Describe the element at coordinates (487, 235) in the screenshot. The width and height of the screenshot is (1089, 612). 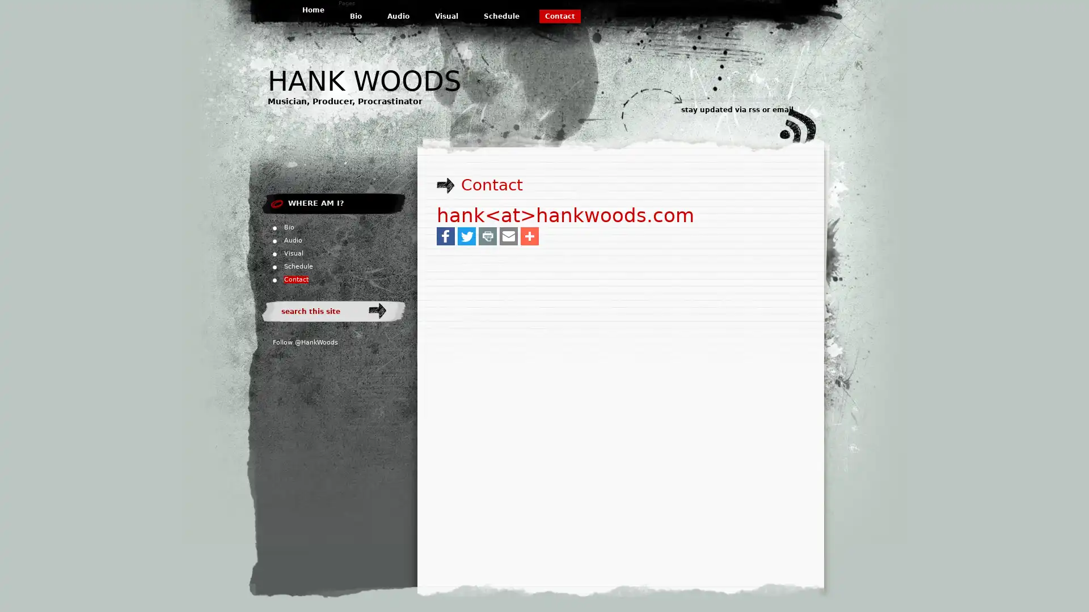
I see `Share to Print` at that location.